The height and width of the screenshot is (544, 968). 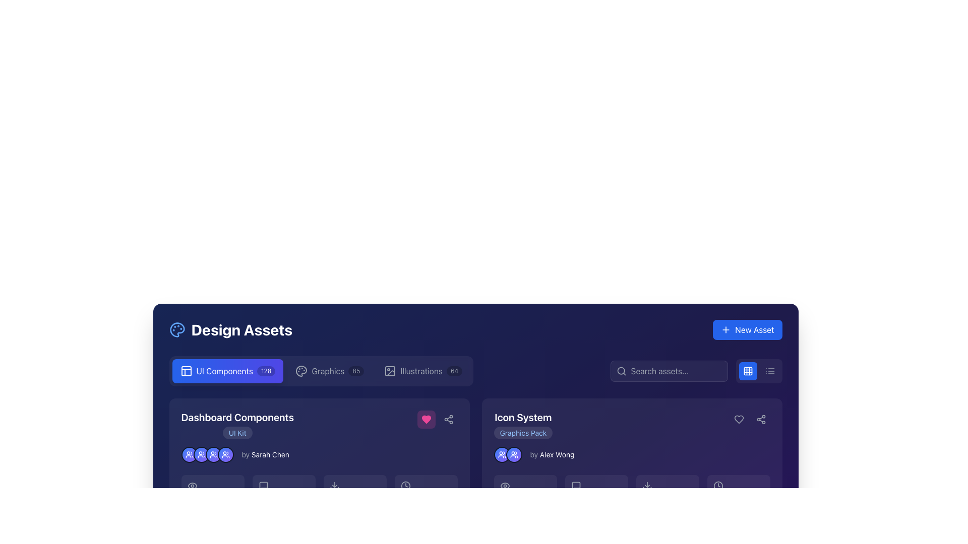 I want to click on SVG Circle element that forms the boundary of the clock icon located at the bottom right of the 'Dashboard Components' section, so click(x=405, y=485).